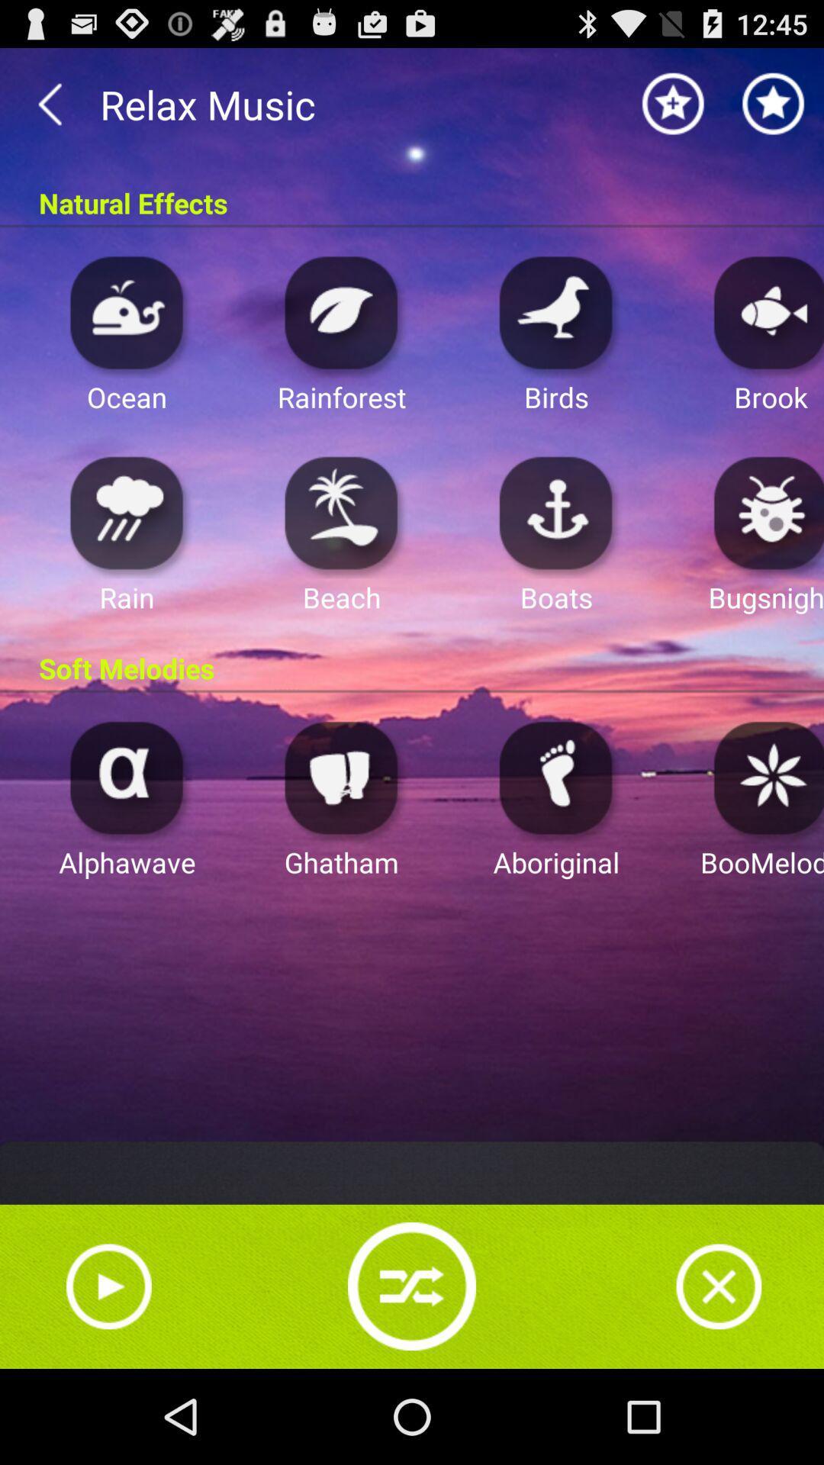 Image resolution: width=824 pixels, height=1465 pixels. Describe the element at coordinates (556, 512) in the screenshot. I see `plays the boat relax music` at that location.